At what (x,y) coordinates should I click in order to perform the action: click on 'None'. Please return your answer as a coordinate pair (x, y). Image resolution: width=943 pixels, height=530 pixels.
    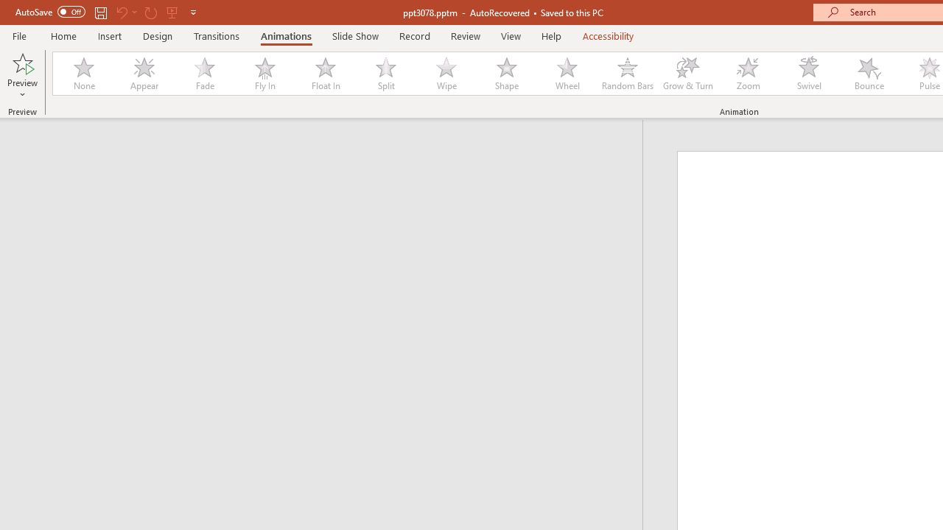
    Looking at the image, I should click on (83, 74).